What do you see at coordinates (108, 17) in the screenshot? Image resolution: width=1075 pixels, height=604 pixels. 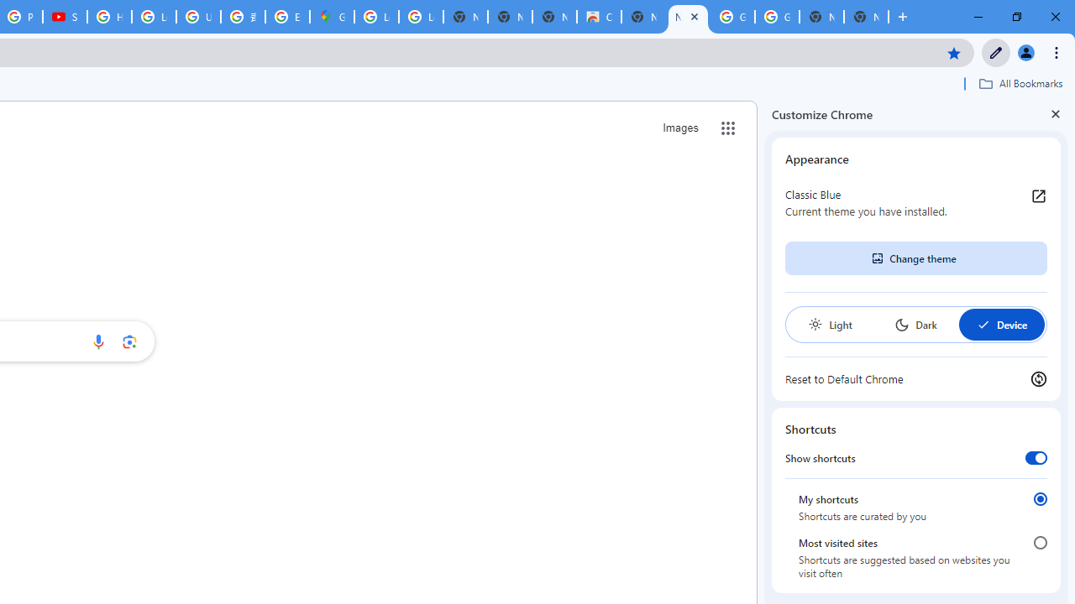 I see `'How Chrome protects your passwords - Google Chrome Help'` at bounding box center [108, 17].